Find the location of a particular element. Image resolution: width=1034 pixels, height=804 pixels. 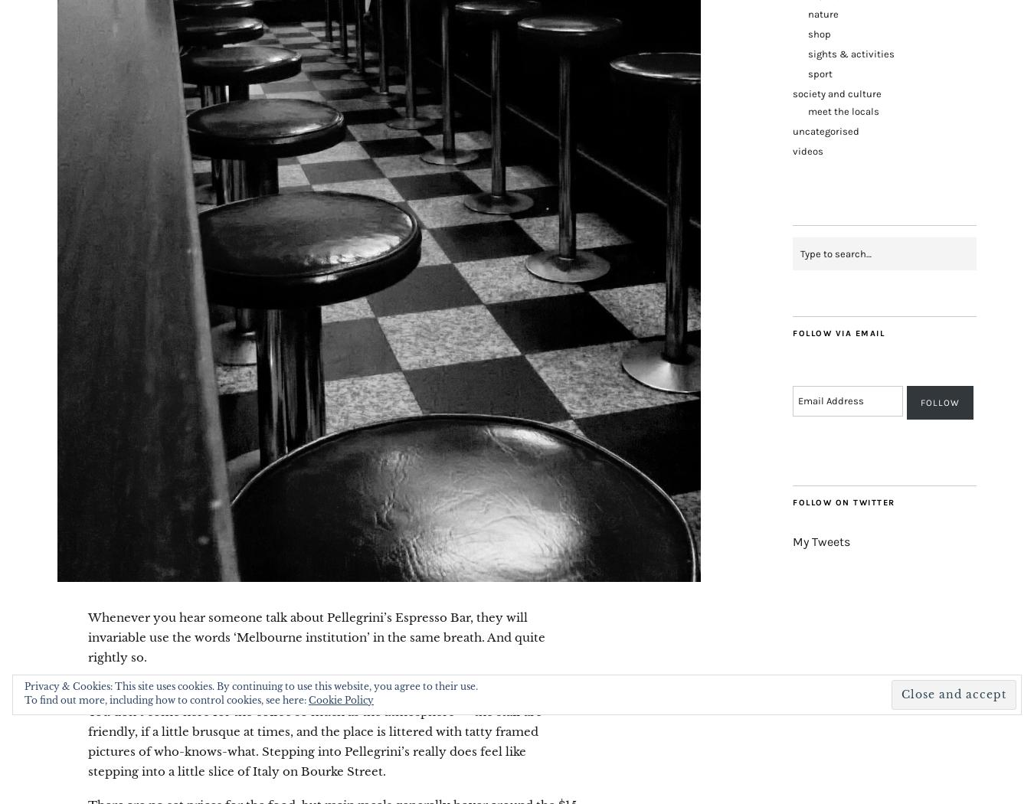

'My Tweets' is located at coordinates (793, 541).